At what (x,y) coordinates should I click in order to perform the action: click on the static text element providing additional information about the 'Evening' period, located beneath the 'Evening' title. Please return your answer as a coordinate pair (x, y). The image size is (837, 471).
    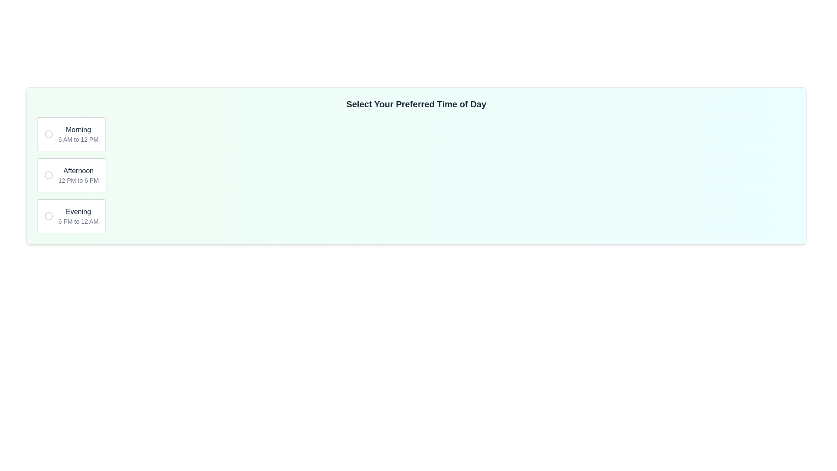
    Looking at the image, I should click on (78, 221).